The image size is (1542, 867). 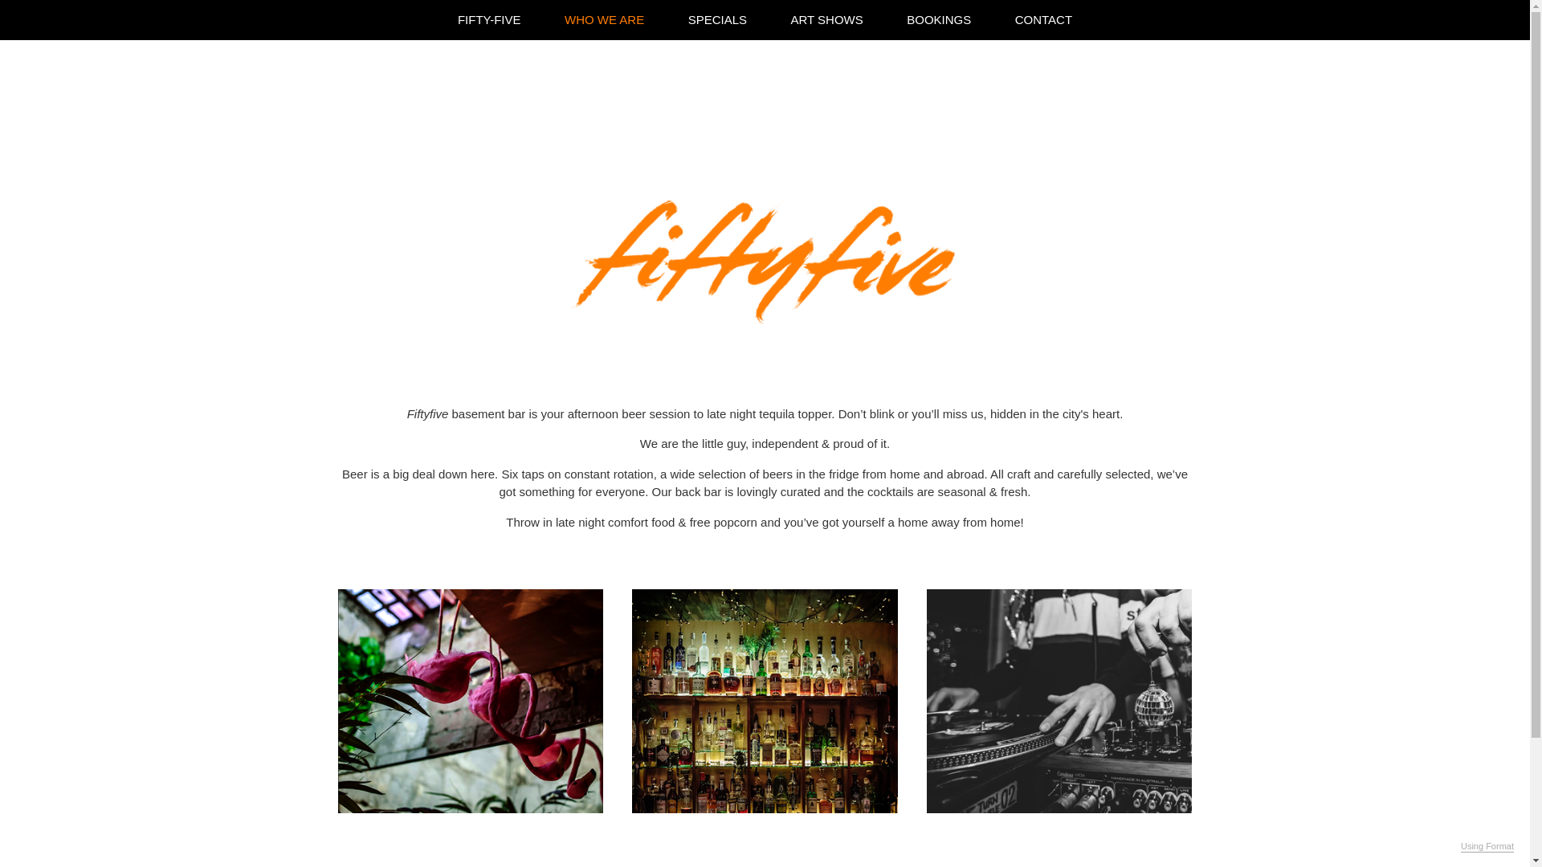 What do you see at coordinates (716, 19) in the screenshot?
I see `'SPECIALS'` at bounding box center [716, 19].